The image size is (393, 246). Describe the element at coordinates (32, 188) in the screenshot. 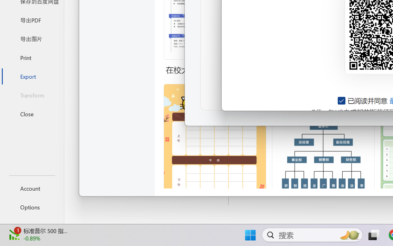

I see `'Account'` at that location.